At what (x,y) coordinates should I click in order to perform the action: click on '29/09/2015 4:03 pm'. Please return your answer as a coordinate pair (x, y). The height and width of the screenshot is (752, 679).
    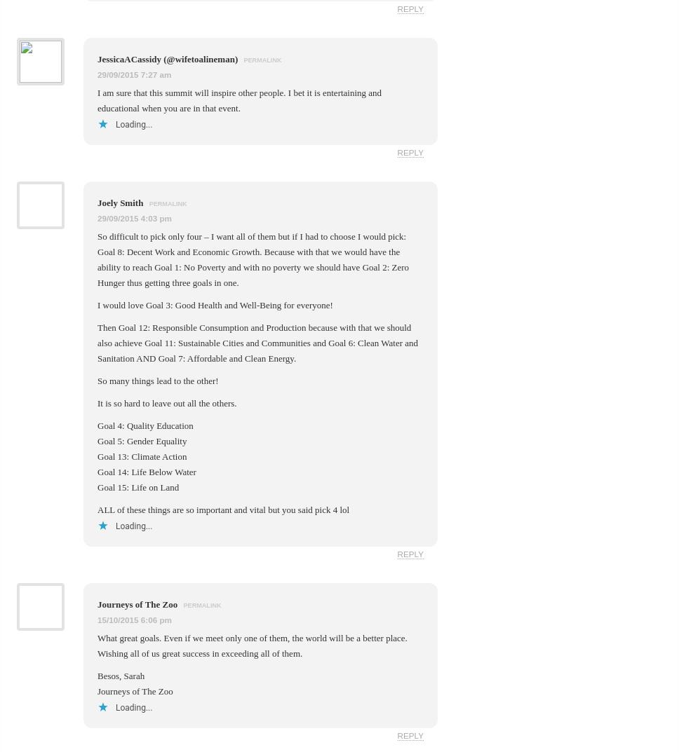
    Looking at the image, I should click on (134, 217).